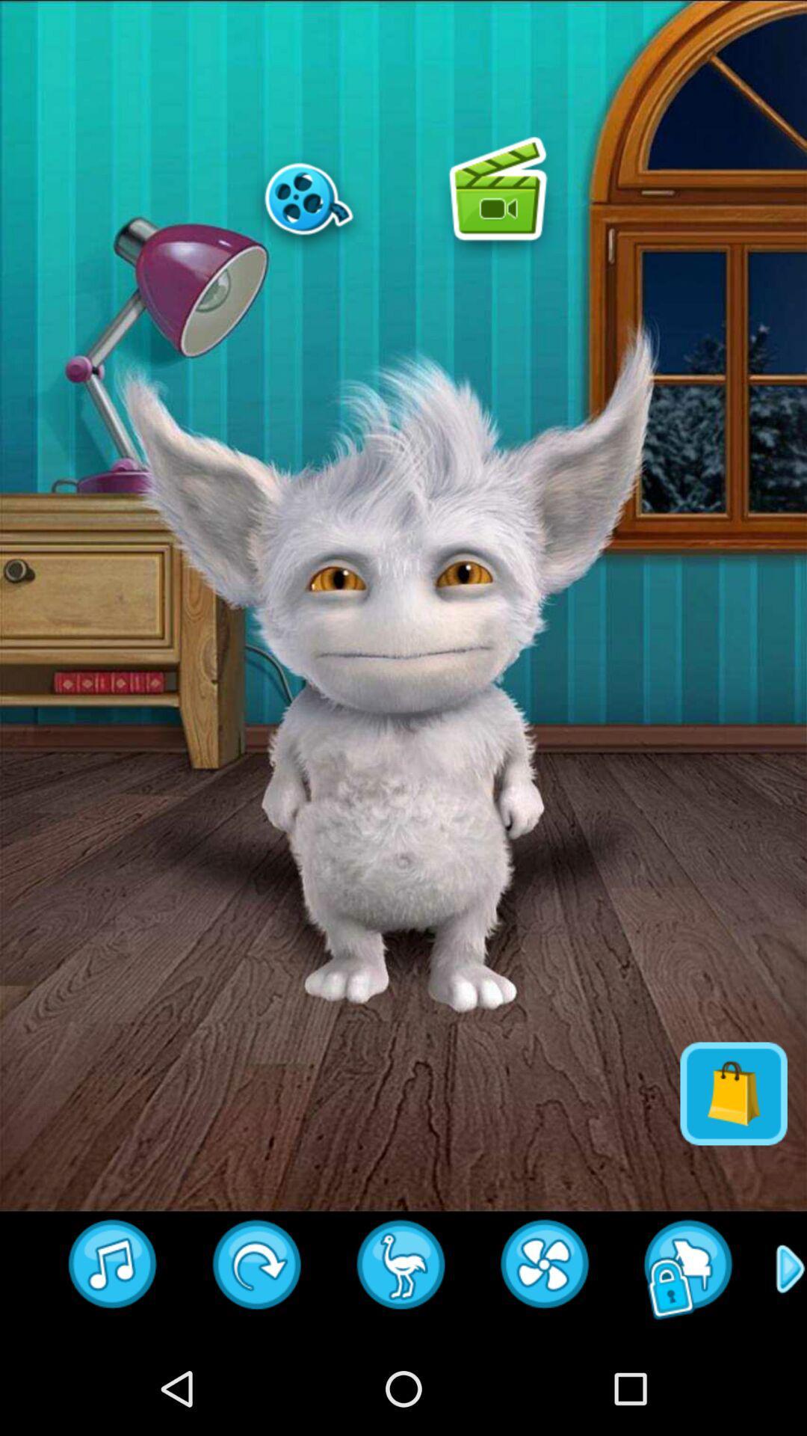 The width and height of the screenshot is (807, 1436). Describe the element at coordinates (498, 197) in the screenshot. I see `option selection` at that location.